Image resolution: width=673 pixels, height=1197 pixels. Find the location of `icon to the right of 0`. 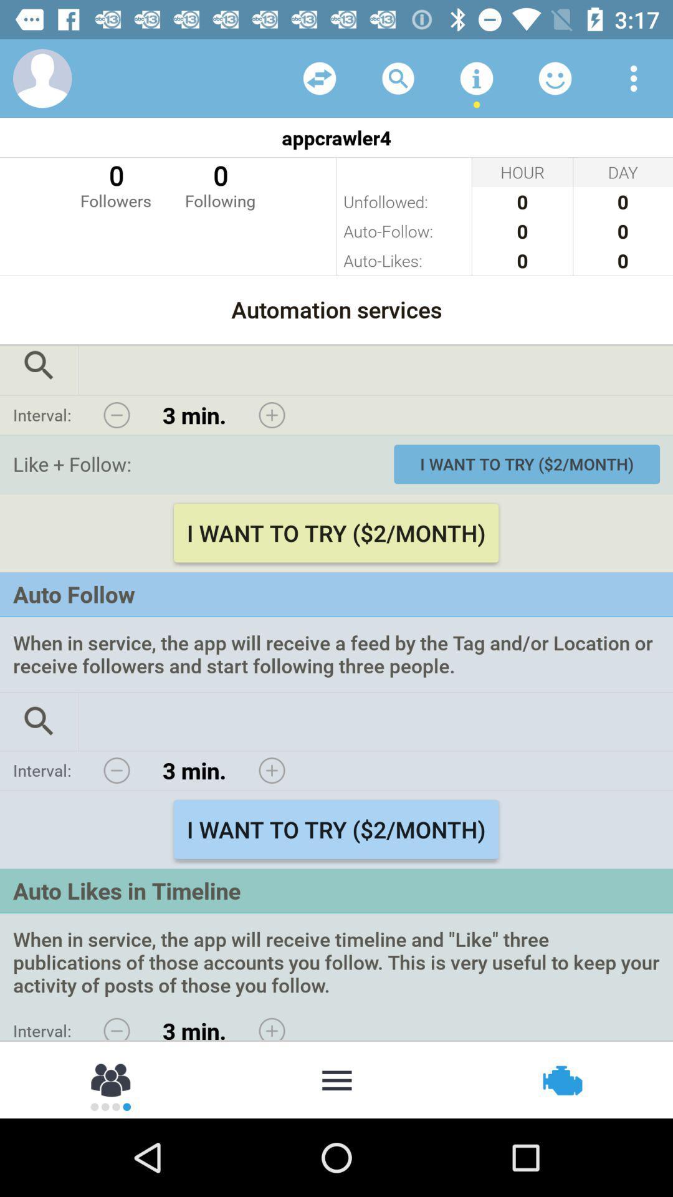

icon to the right of 0 is located at coordinates (219, 184).